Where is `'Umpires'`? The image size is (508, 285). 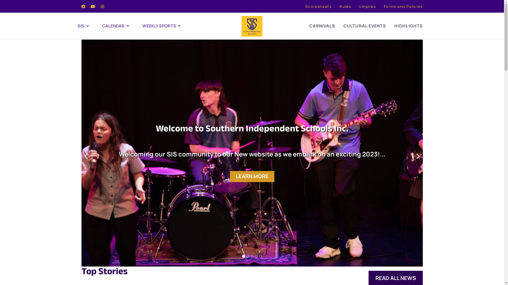 'Umpires' is located at coordinates (367, 6).